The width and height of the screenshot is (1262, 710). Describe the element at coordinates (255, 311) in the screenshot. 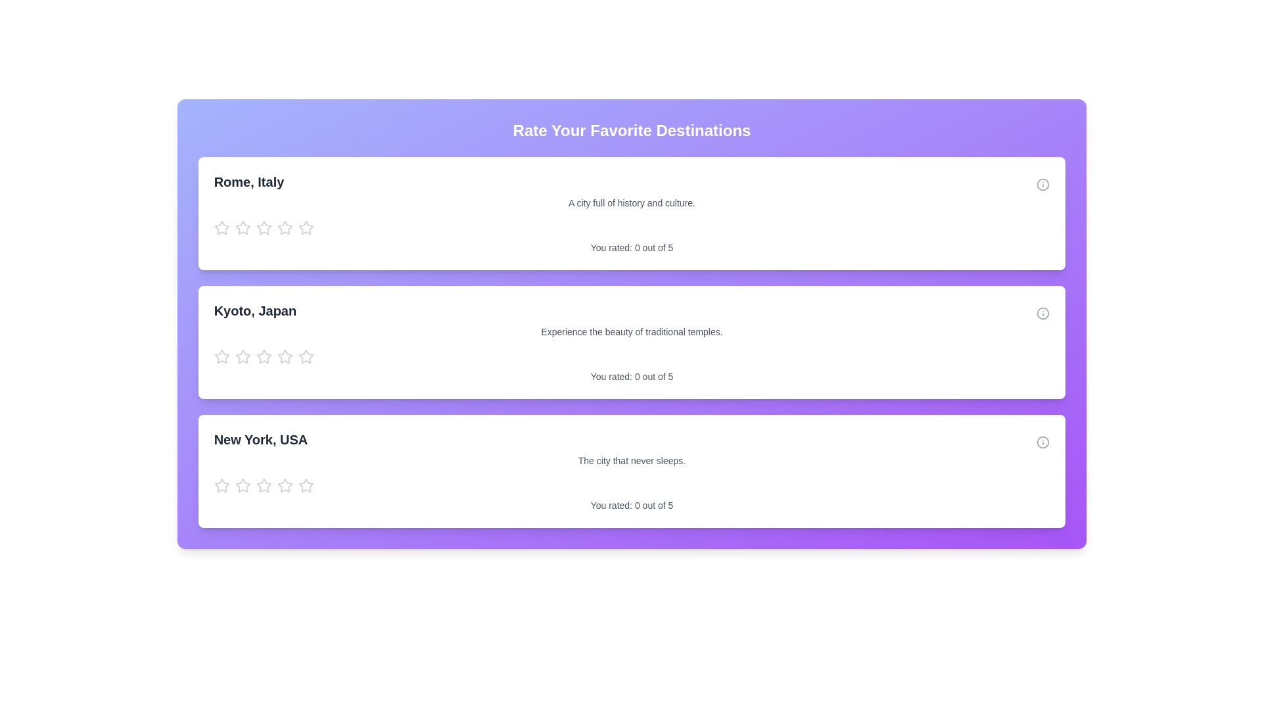

I see `Text label displaying 'Kyoto, Japan' located in the second section of the vertically stacked list of destinations, positioned directly above the star icons for rating` at that location.